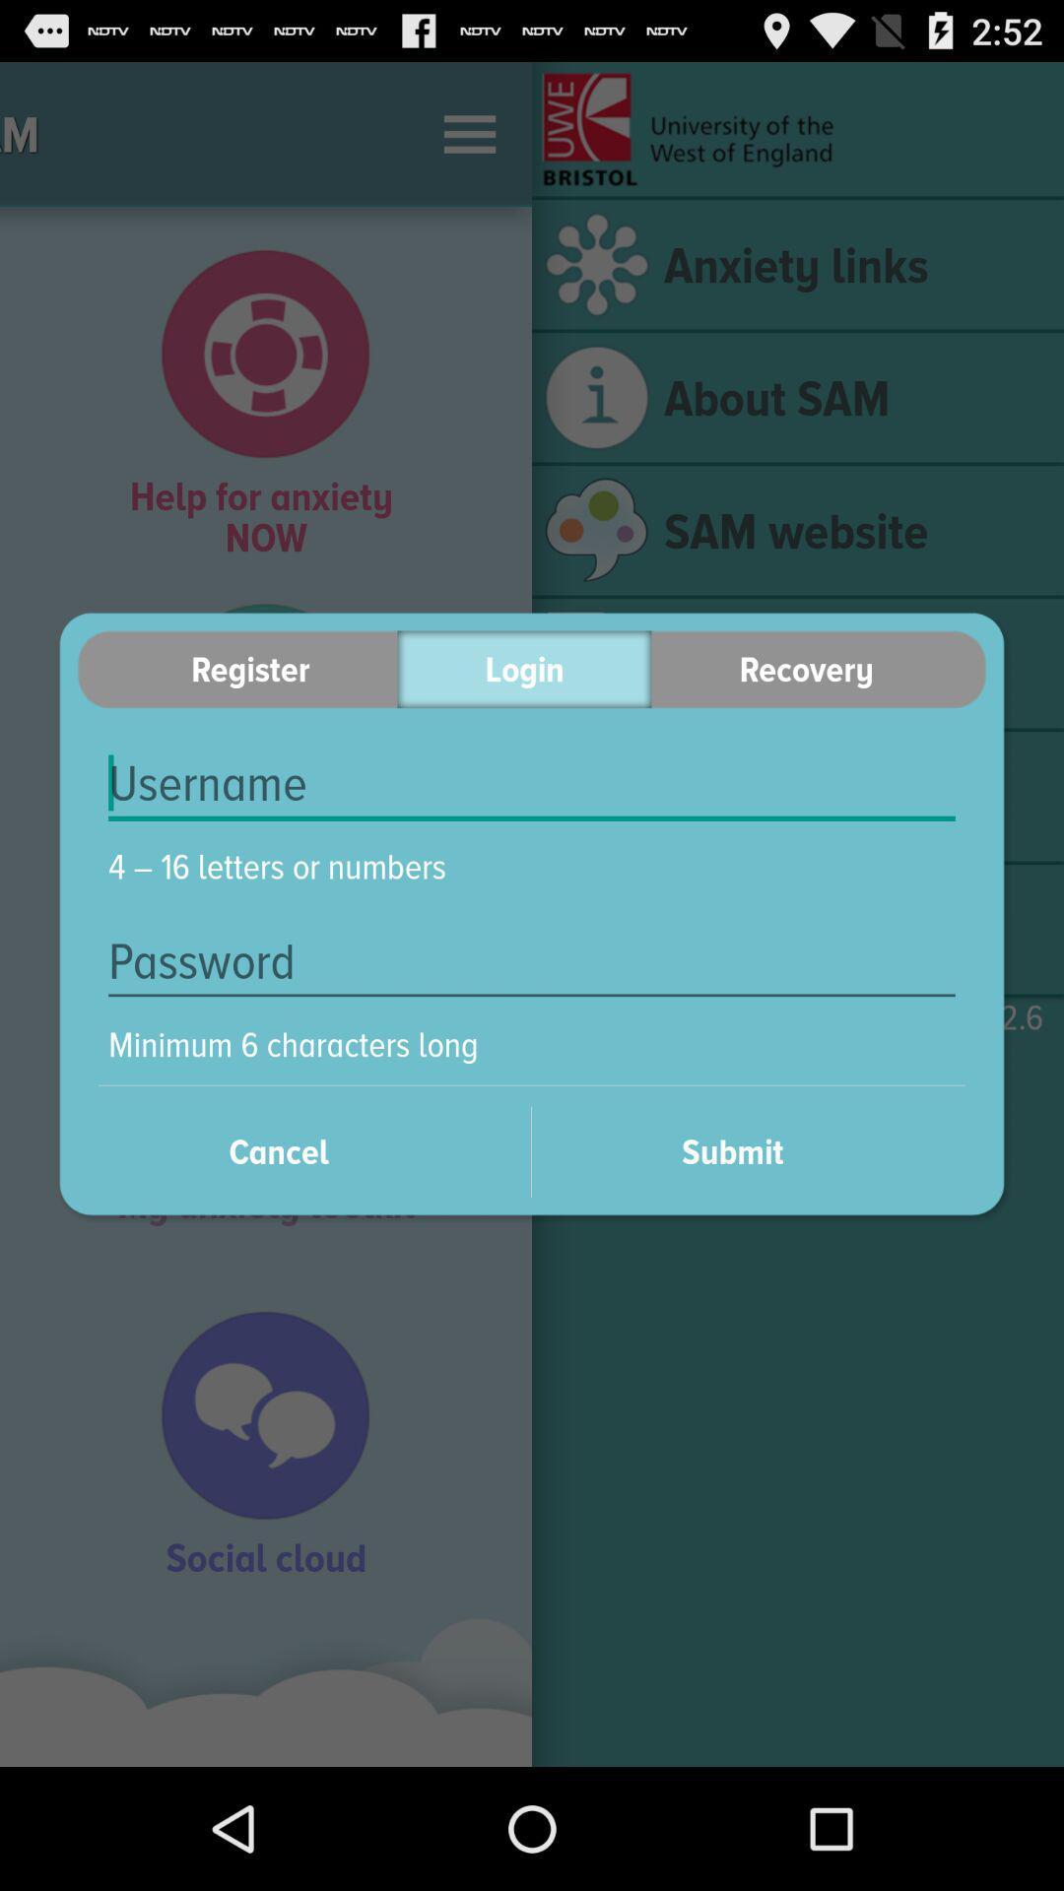 The width and height of the screenshot is (1064, 1891). I want to click on icon next to the login, so click(819, 669).